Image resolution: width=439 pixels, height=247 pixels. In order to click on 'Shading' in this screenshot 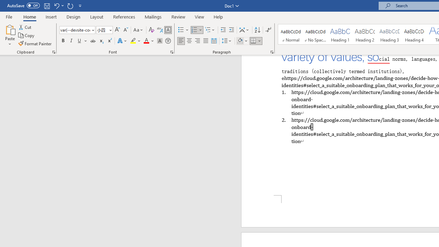, I will do `click(242, 41)`.